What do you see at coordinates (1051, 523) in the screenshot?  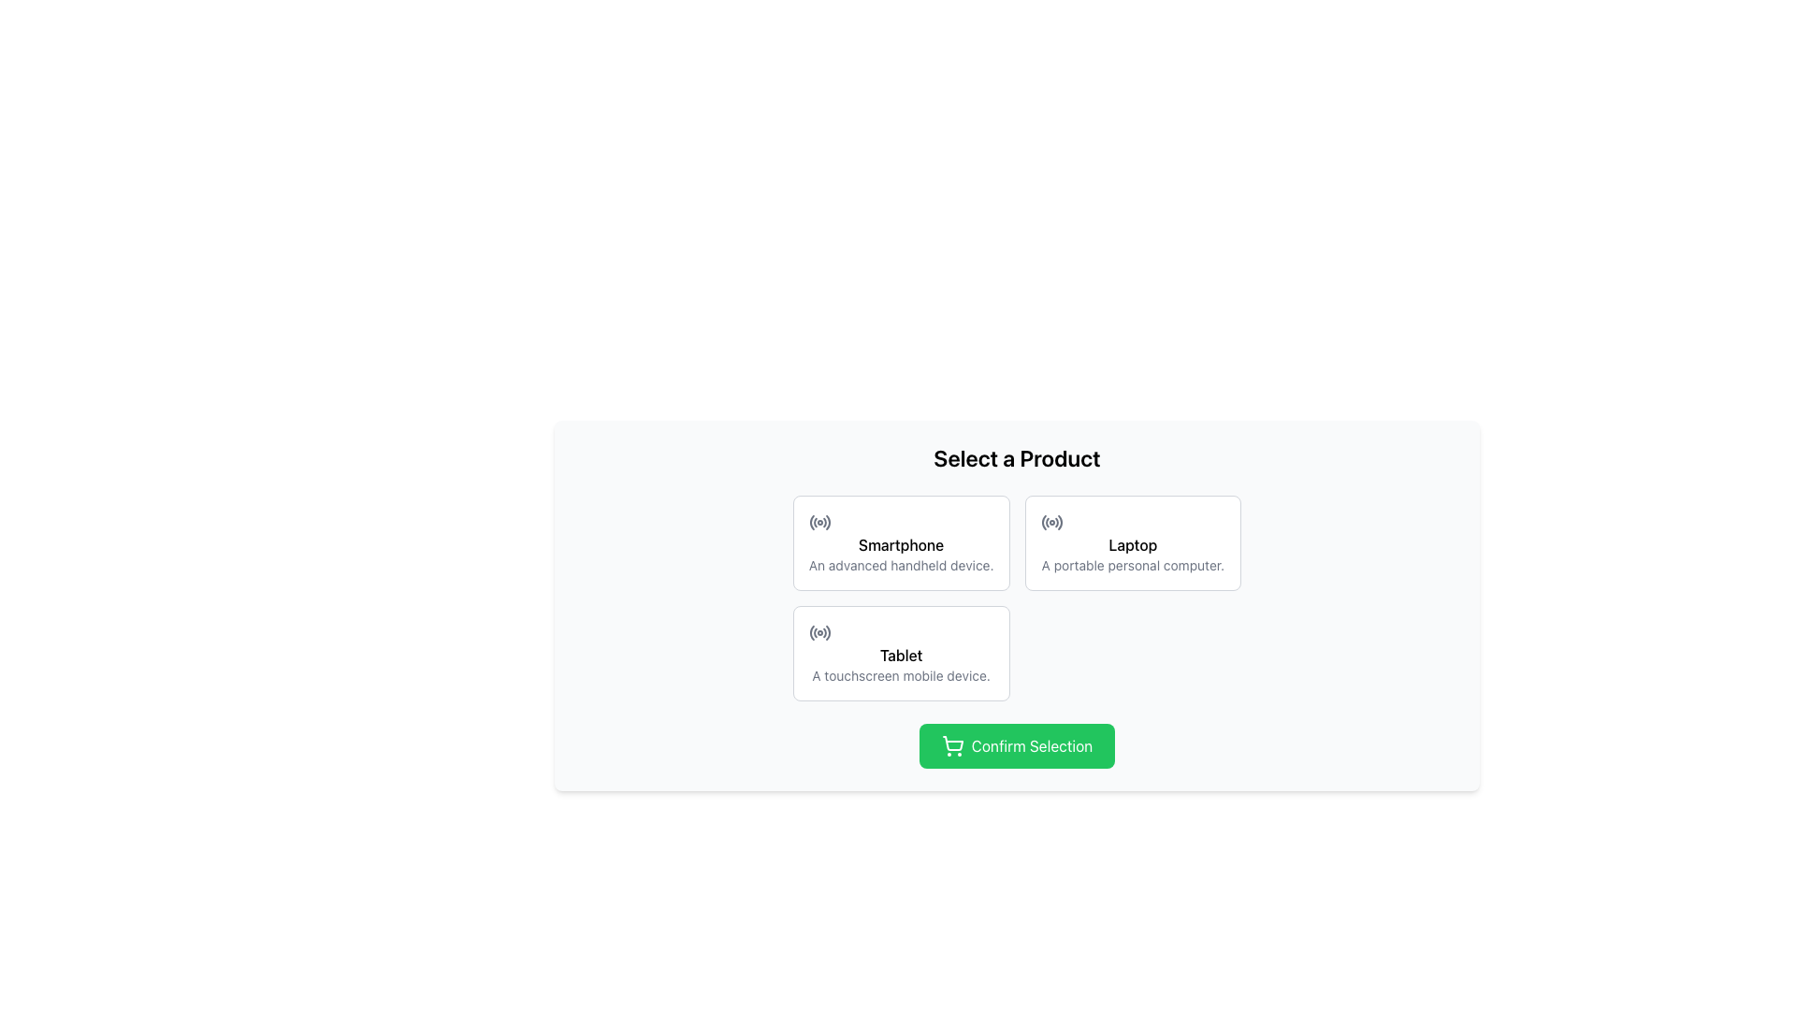 I see `the SVG icon representing the 'Laptop' option, located to the left of the 'Laptop' label in the options layout` at bounding box center [1051, 523].